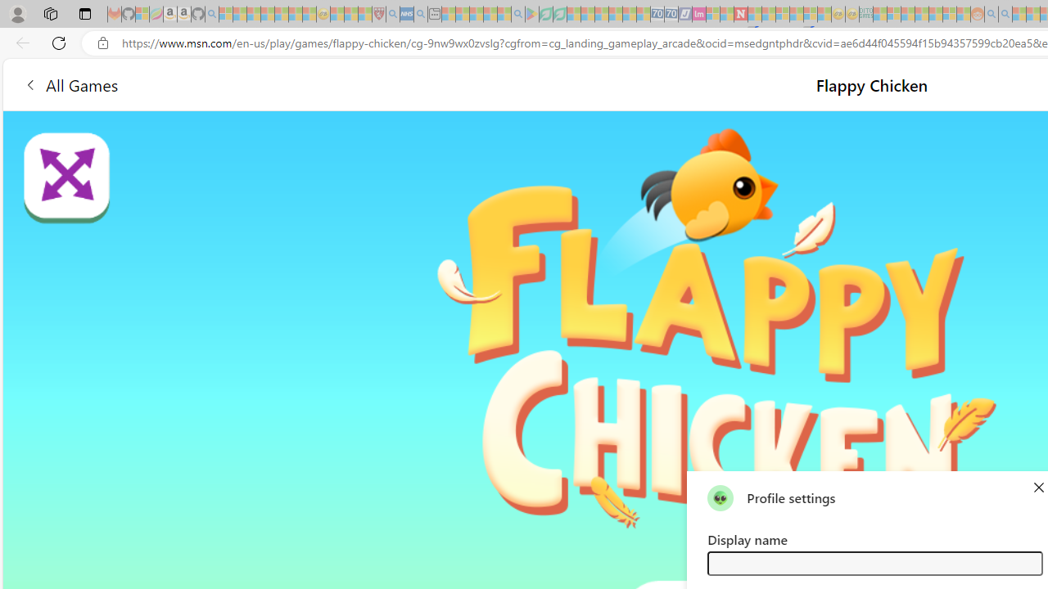 The height and width of the screenshot is (589, 1048). What do you see at coordinates (364, 14) in the screenshot?
I see `'Local - MSN - Sleeping'` at bounding box center [364, 14].